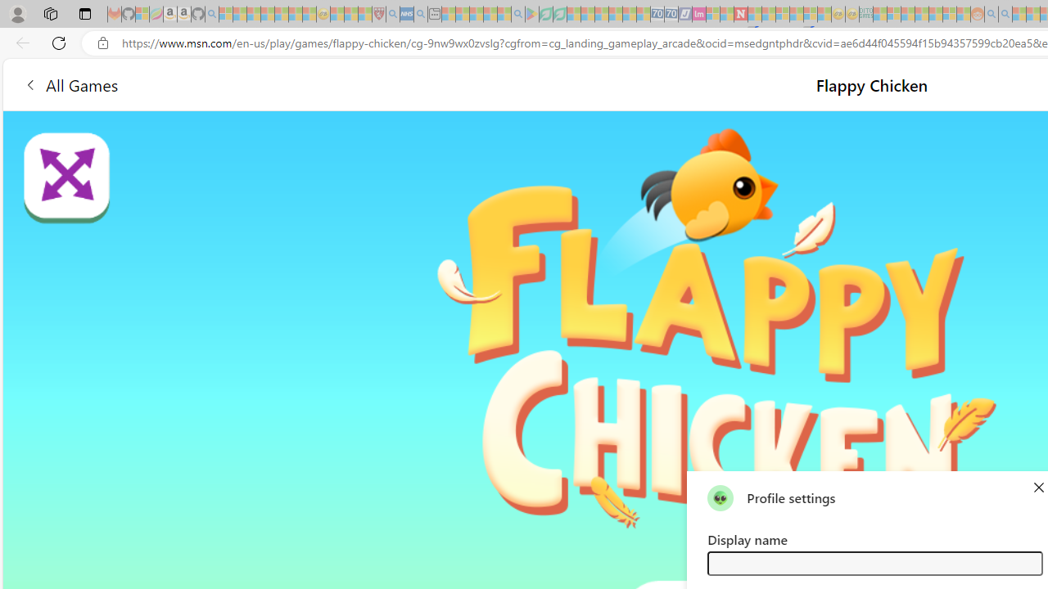 The height and width of the screenshot is (589, 1048). What do you see at coordinates (364, 14) in the screenshot?
I see `'Local - MSN - Sleeping'` at bounding box center [364, 14].